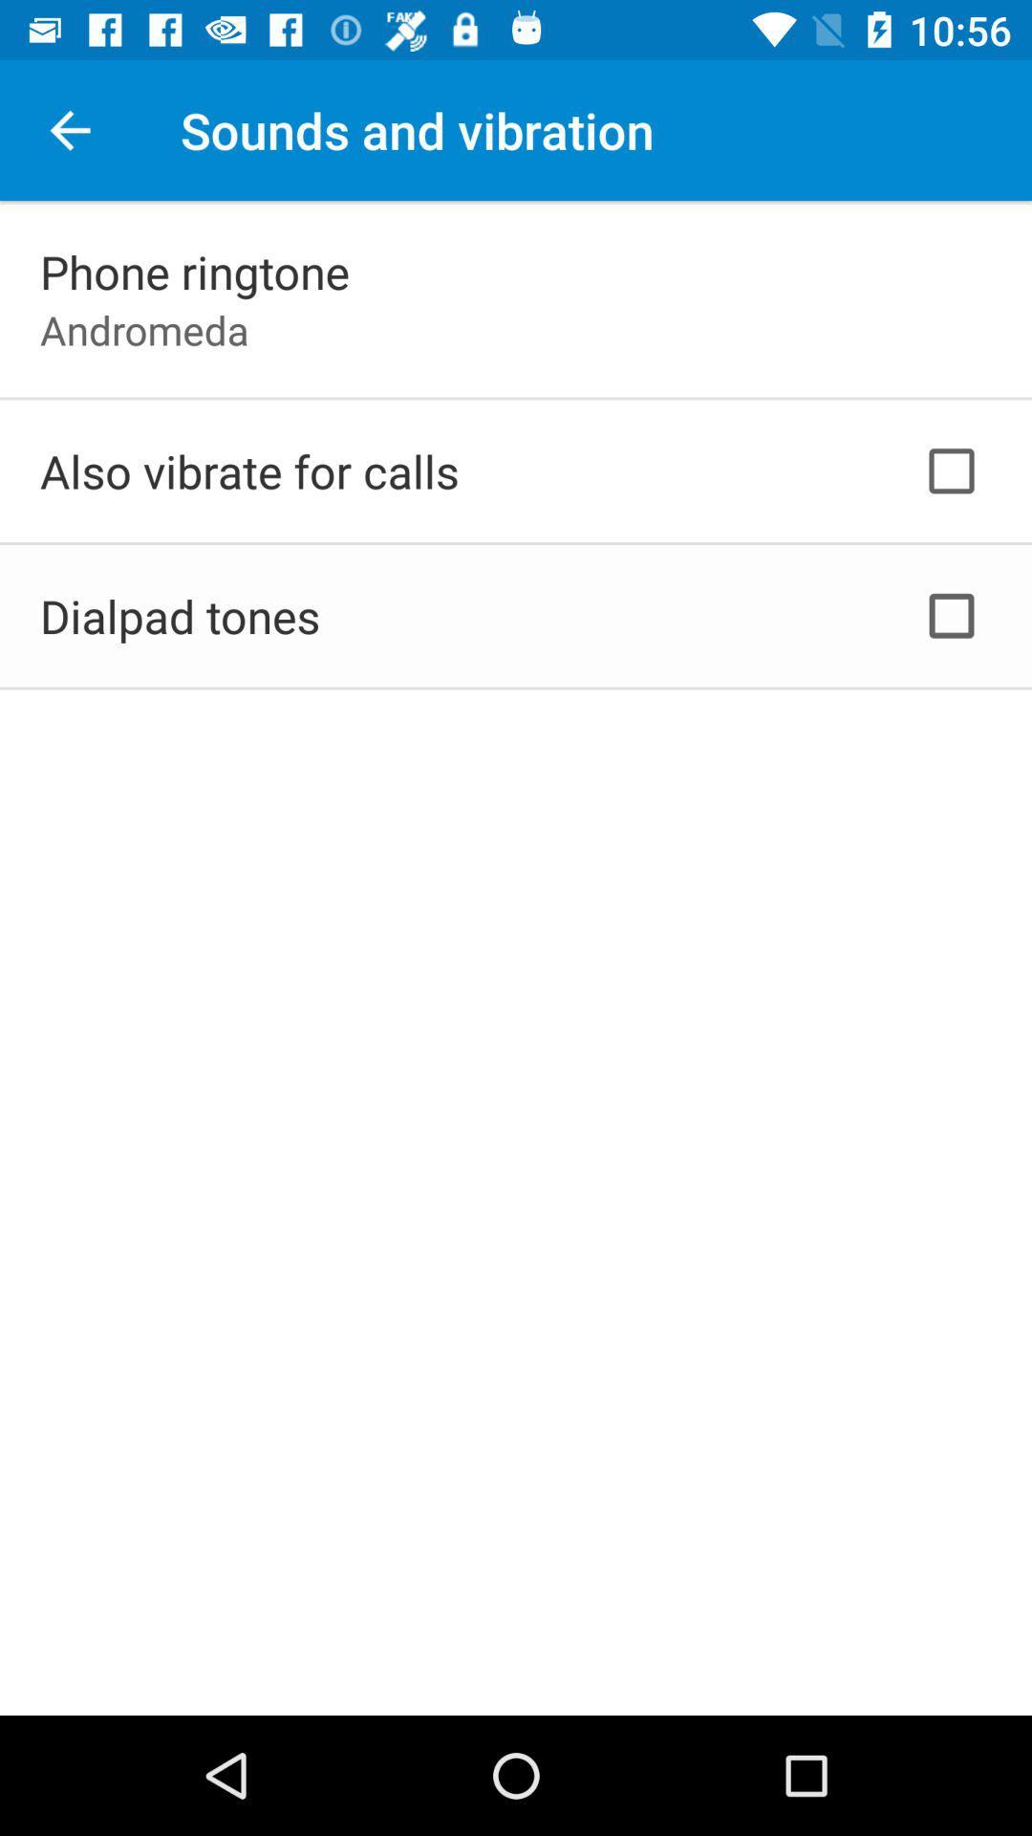  Describe the element at coordinates (180, 616) in the screenshot. I see `the icon on the left` at that location.